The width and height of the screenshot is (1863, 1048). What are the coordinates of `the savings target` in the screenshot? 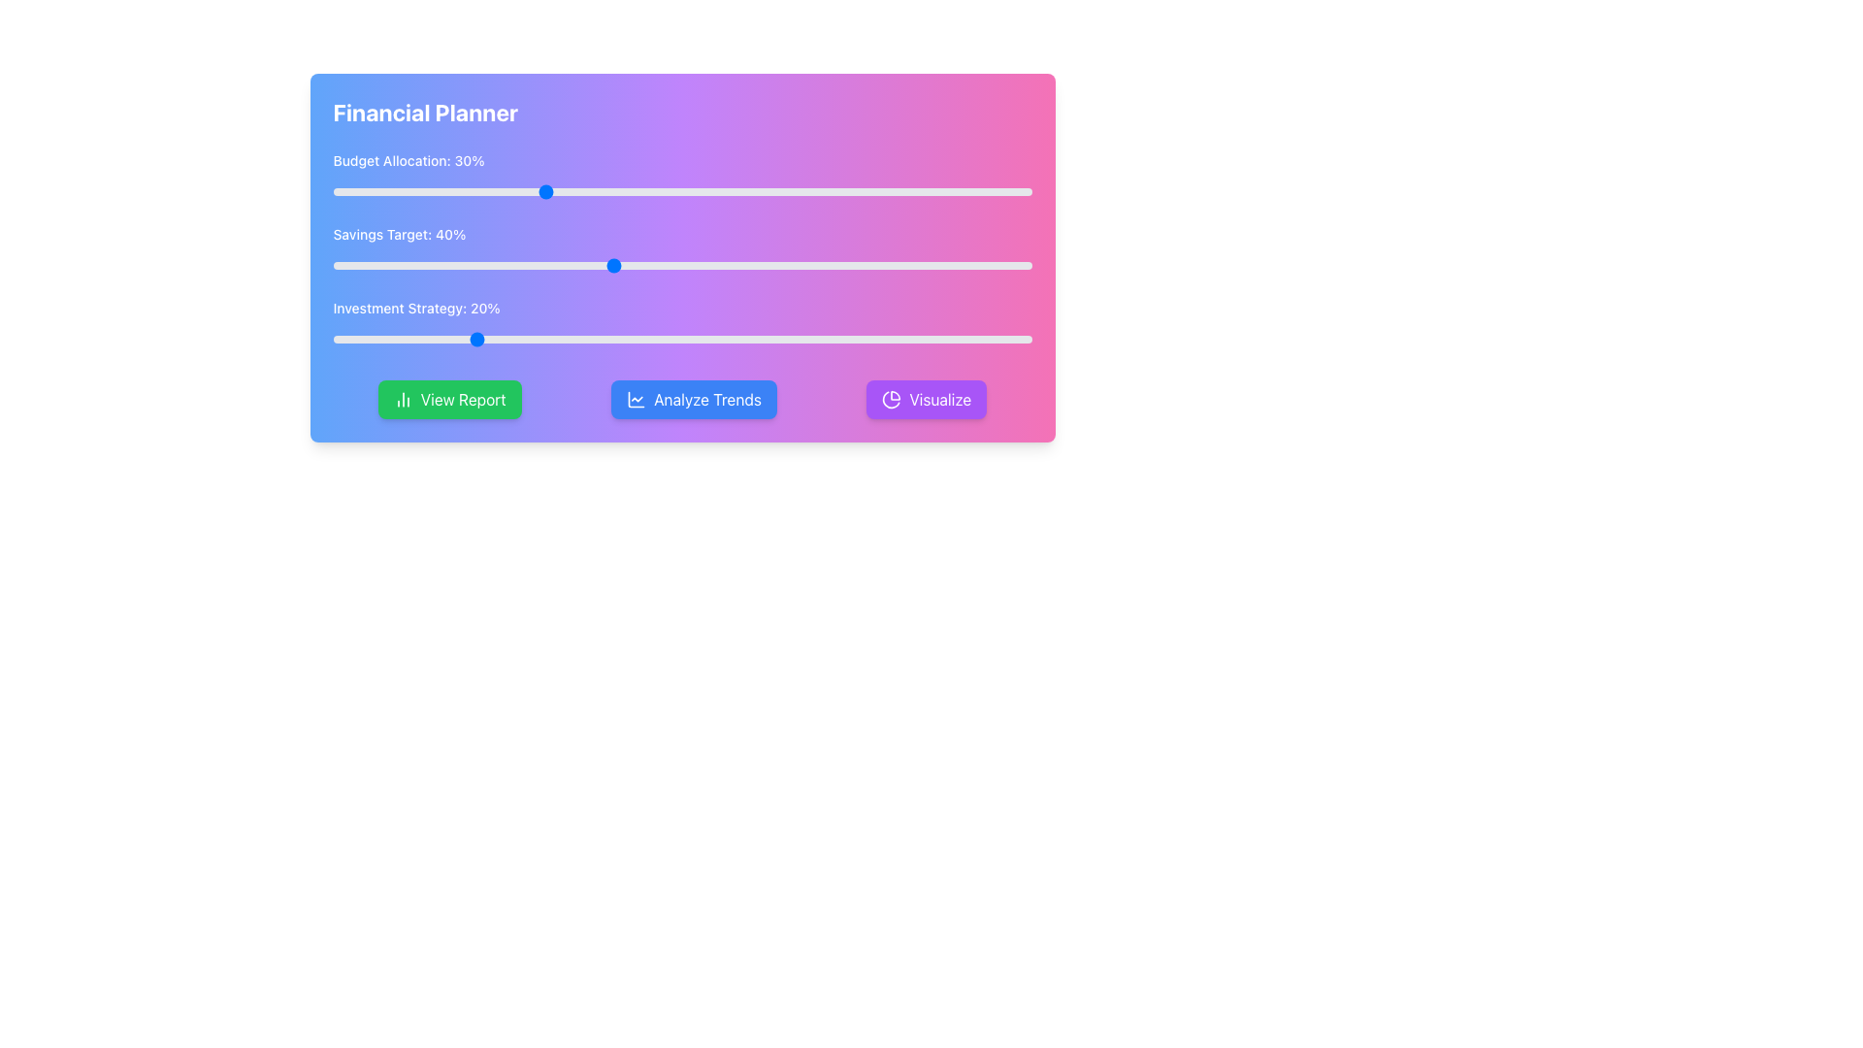 It's located at (919, 265).